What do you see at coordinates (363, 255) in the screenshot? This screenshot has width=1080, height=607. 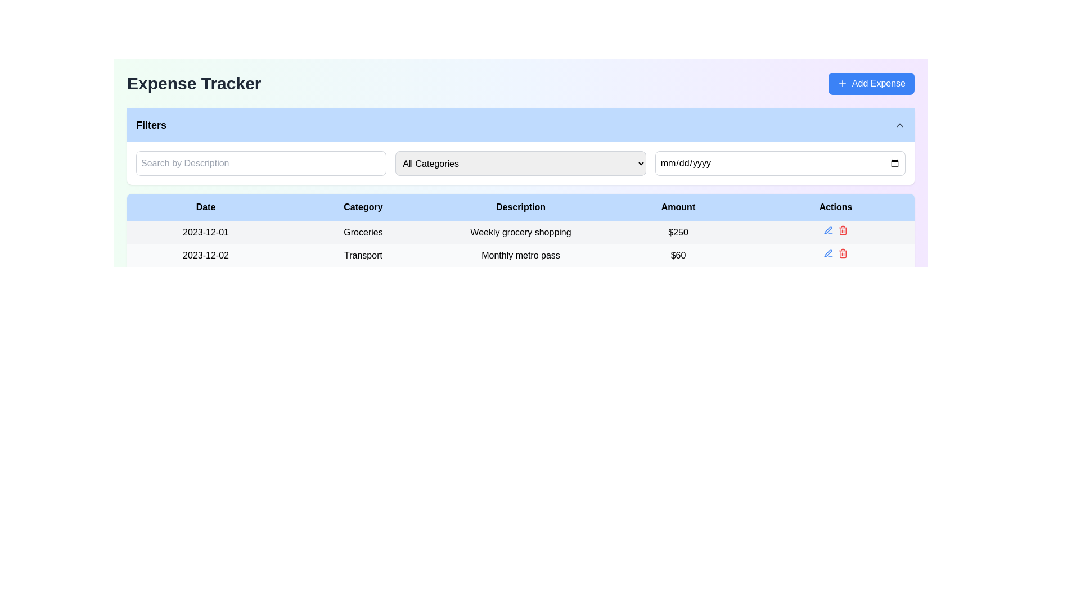 I see `the text label reading 'Transport', which is styled in plain black text and located in the second row of the table under the 'Category' column` at bounding box center [363, 255].